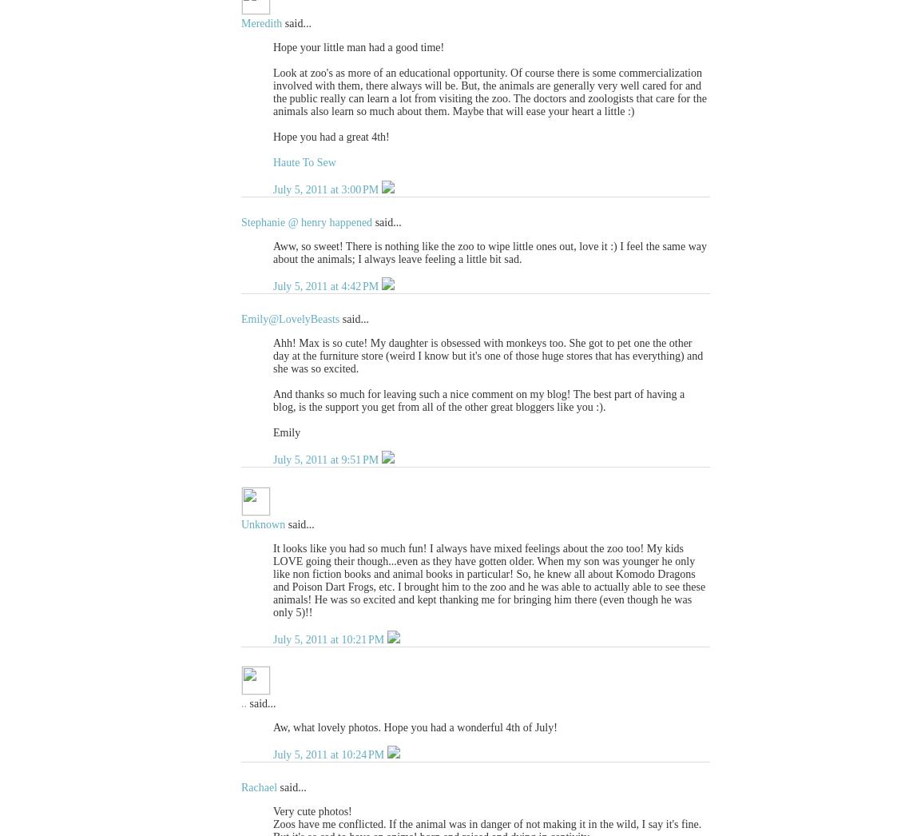 The image size is (905, 836). Describe the element at coordinates (273, 162) in the screenshot. I see `'Haute To Sew'` at that location.